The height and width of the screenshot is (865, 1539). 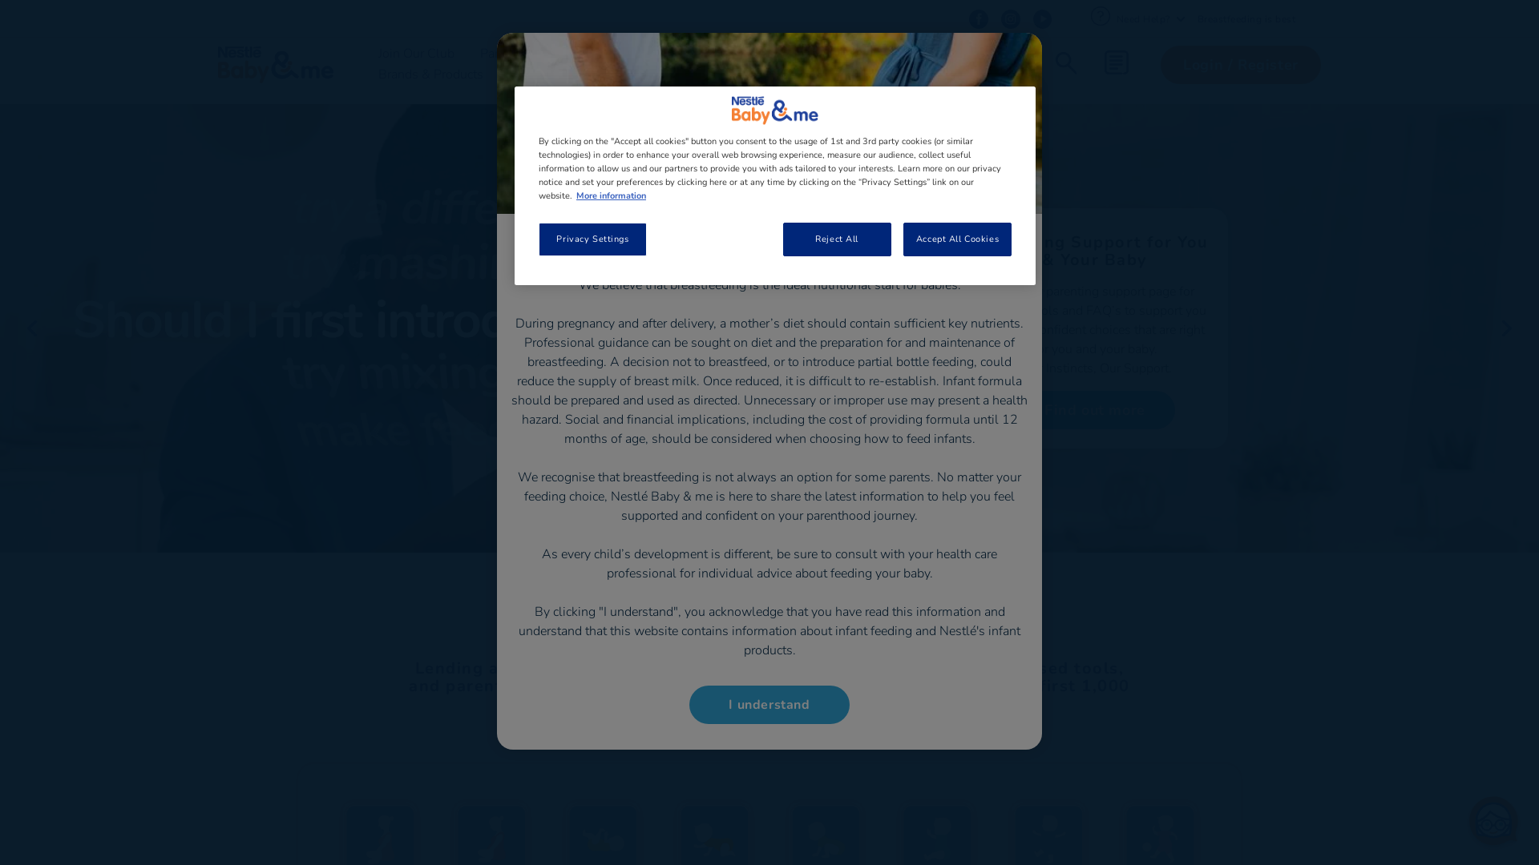 What do you see at coordinates (1000, 18) in the screenshot?
I see `'instagram'` at bounding box center [1000, 18].